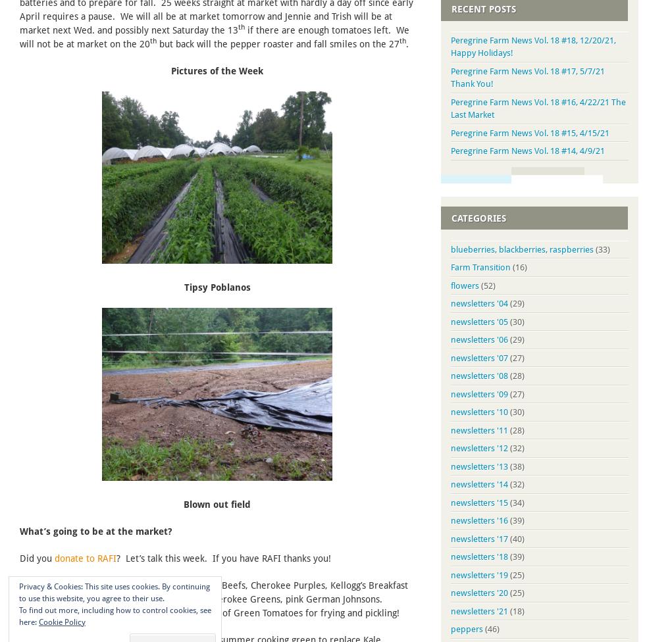 The height and width of the screenshot is (642, 645). I want to click on 'newsletters '20', so click(451, 592).